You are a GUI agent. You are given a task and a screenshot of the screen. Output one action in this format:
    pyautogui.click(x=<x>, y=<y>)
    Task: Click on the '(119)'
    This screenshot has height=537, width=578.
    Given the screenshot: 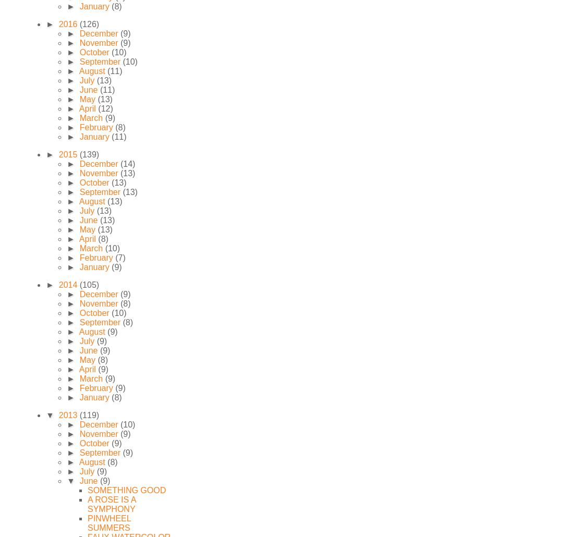 What is the action you would take?
    pyautogui.click(x=88, y=414)
    